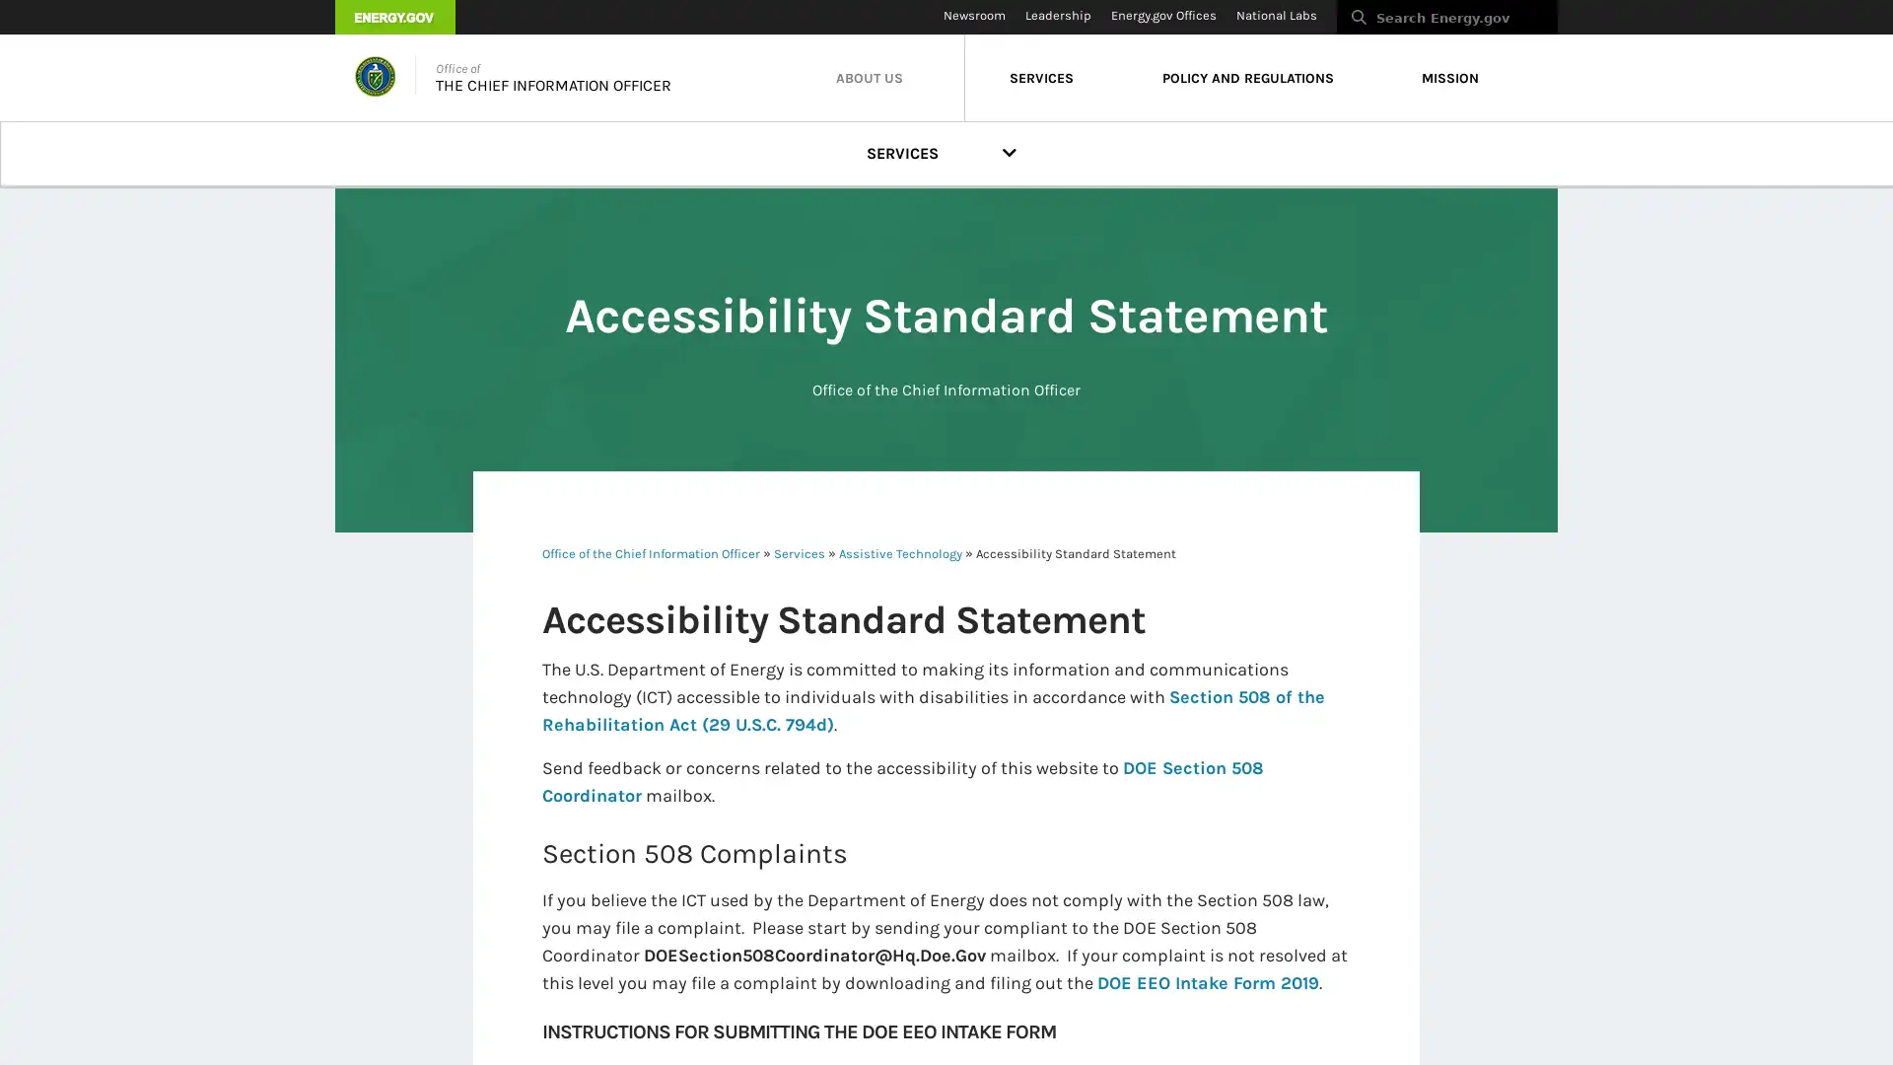  I want to click on SEARCH, so click(1578, 23).